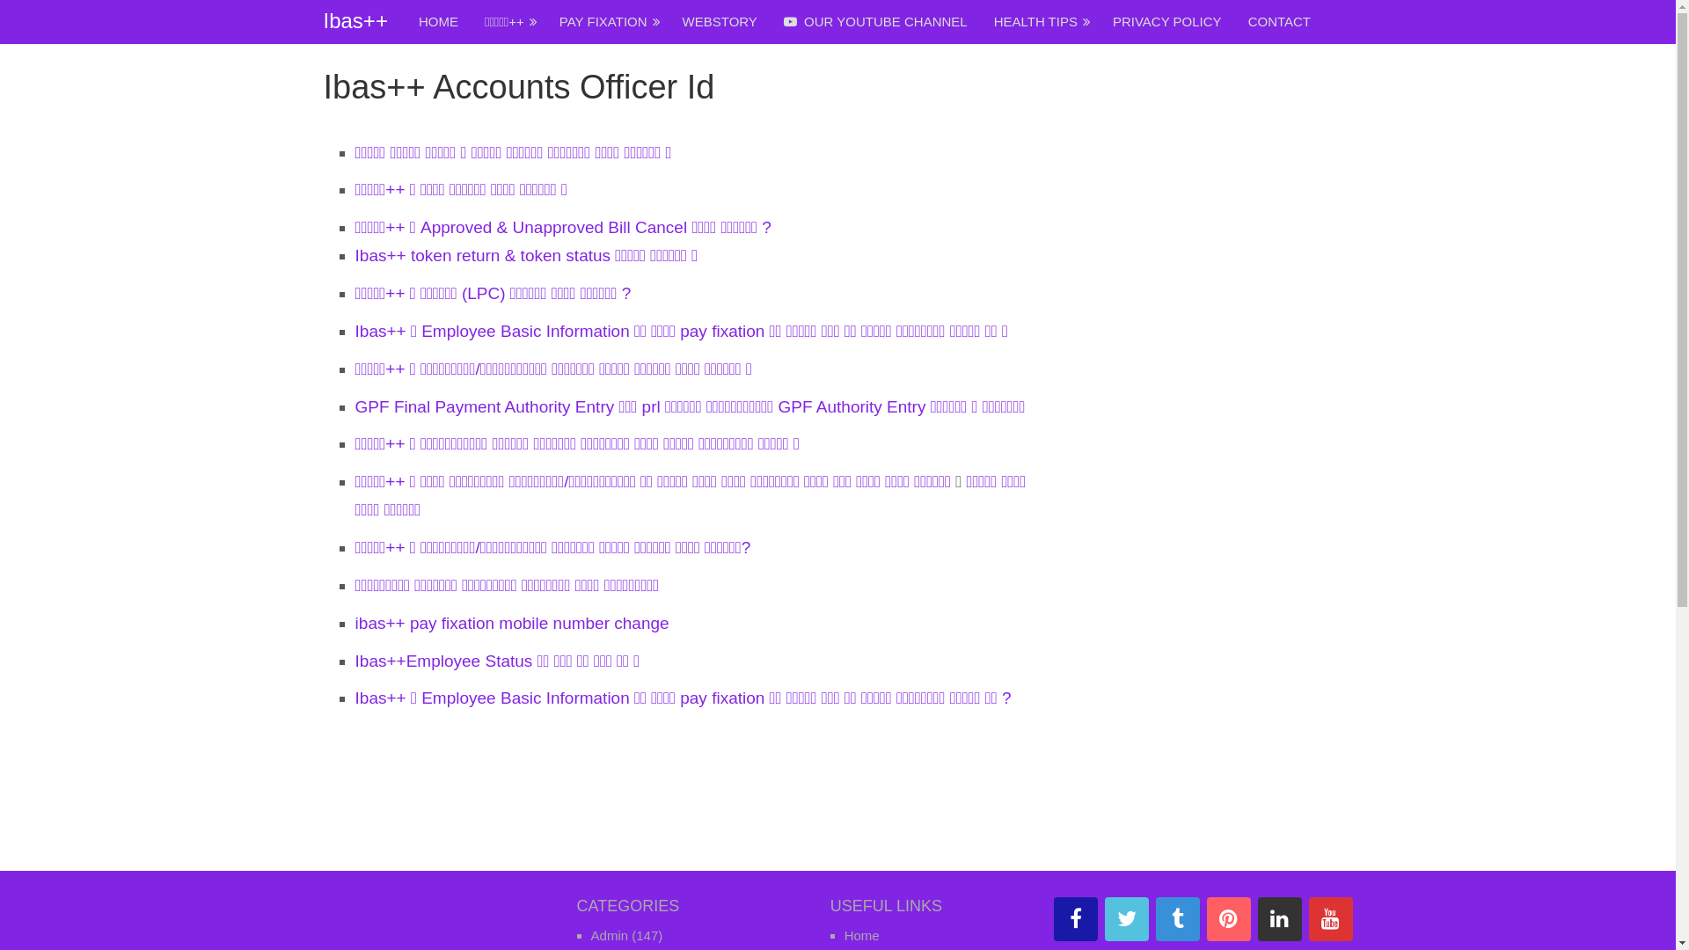 The width and height of the screenshot is (1689, 950). I want to click on 'CONTACT', so click(1279, 21).